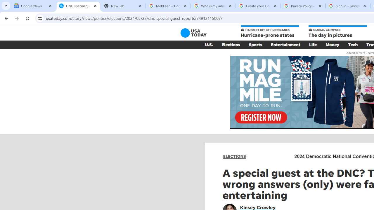 Image resolution: width=374 pixels, height=210 pixels. What do you see at coordinates (230, 44) in the screenshot?
I see `'Elections'` at bounding box center [230, 44].